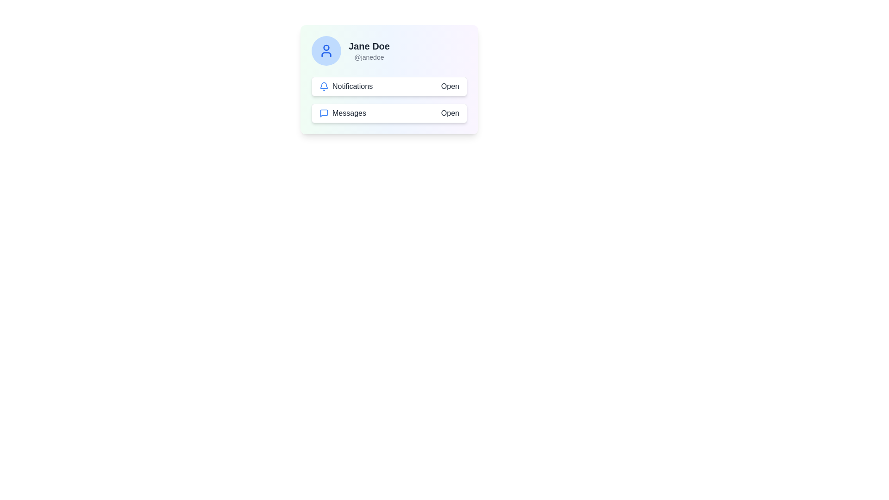 The height and width of the screenshot is (500, 889). What do you see at coordinates (326, 48) in the screenshot?
I see `the circular icon representing the head in the user avatar's profile card, located at the top left above the username 'Jane Doe.'` at bounding box center [326, 48].